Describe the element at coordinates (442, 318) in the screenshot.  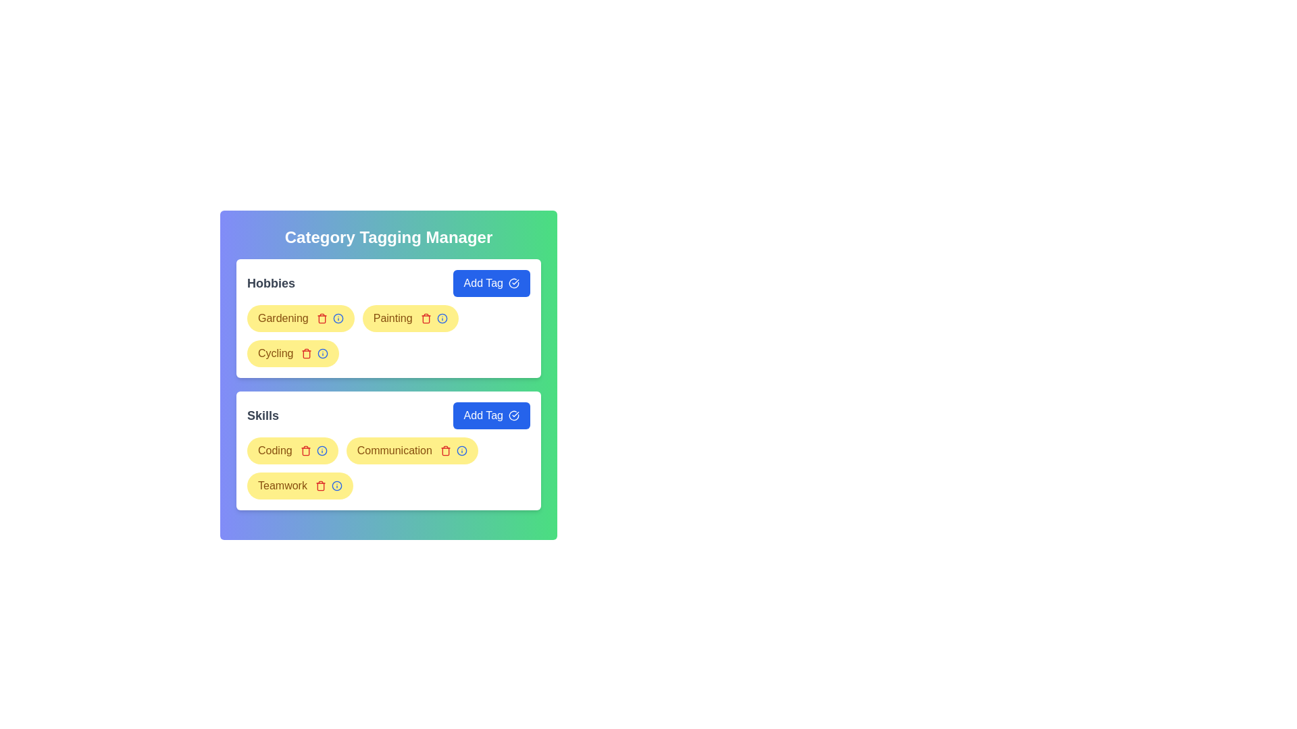
I see `the information icon button located to the right of the 'Painting' tag in the 'Hobbies' section to retrieve additional details about the Painting category` at that location.